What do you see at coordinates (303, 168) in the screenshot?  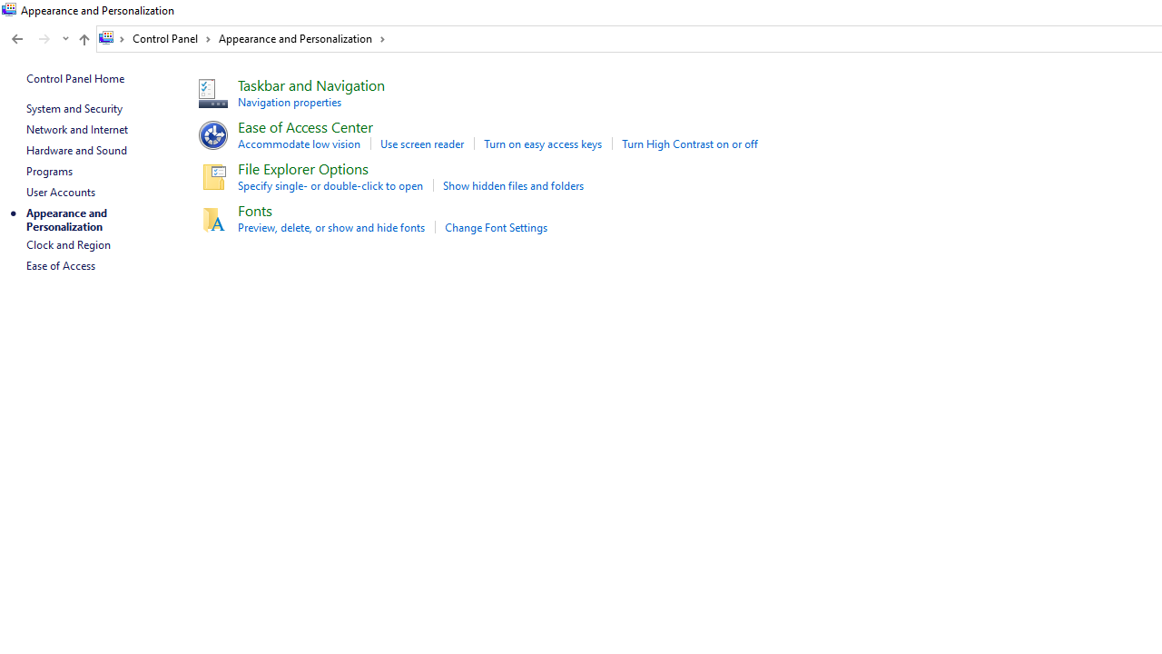 I see `'File Explorer Options'` at bounding box center [303, 168].